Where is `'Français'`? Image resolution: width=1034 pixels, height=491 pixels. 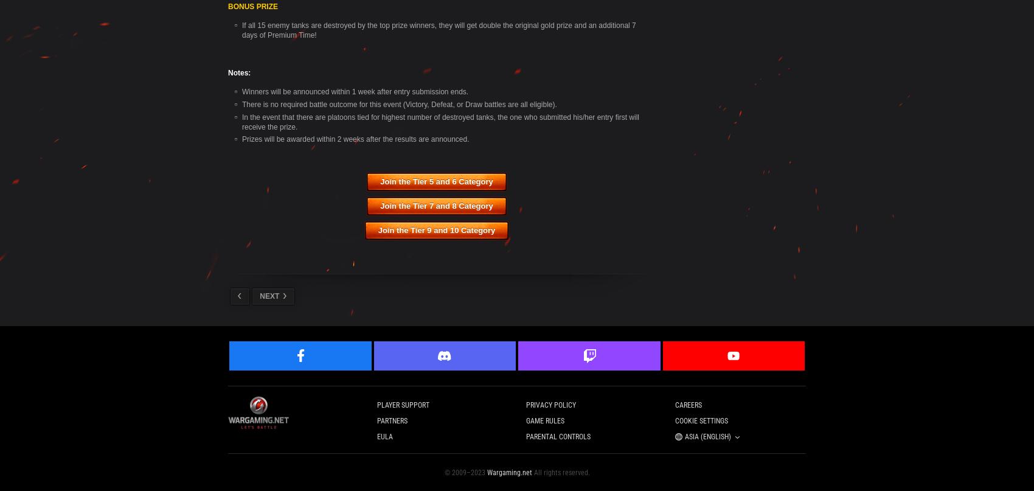
'Français' is located at coordinates (314, 254).